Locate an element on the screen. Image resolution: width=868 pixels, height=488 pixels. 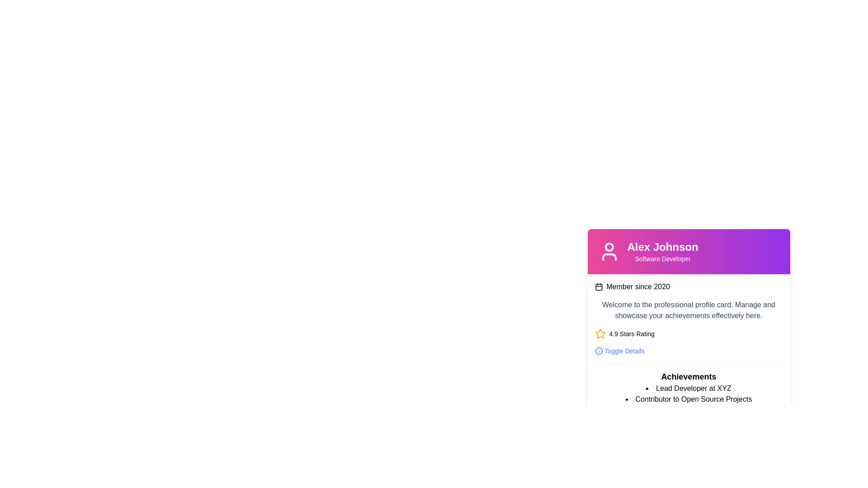
the text display header that prominently presents the user's name within the profile card, located centrally above the smaller text 'Software Developer' is located at coordinates (663, 247).